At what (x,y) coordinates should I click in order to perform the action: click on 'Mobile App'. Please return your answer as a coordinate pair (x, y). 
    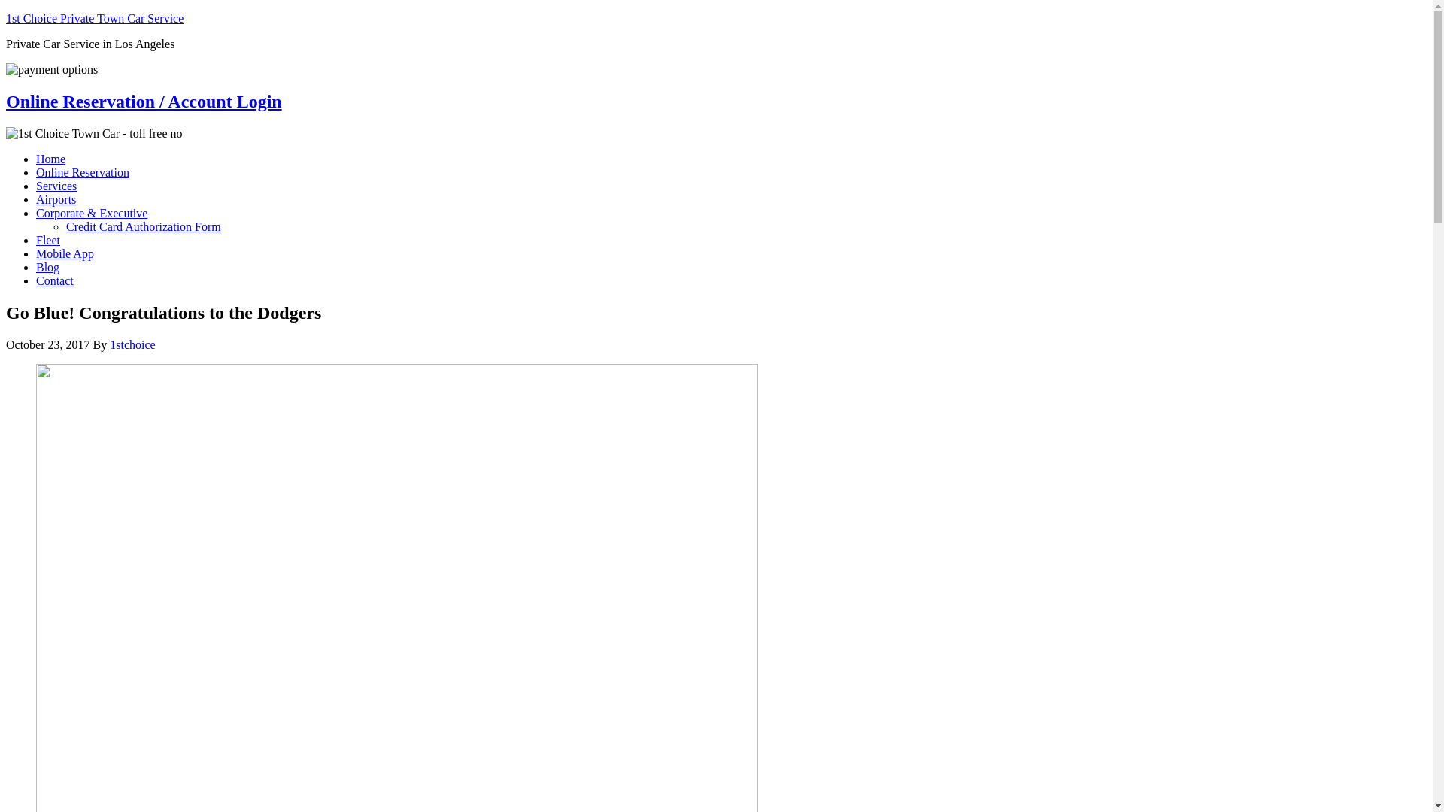
    Looking at the image, I should click on (64, 253).